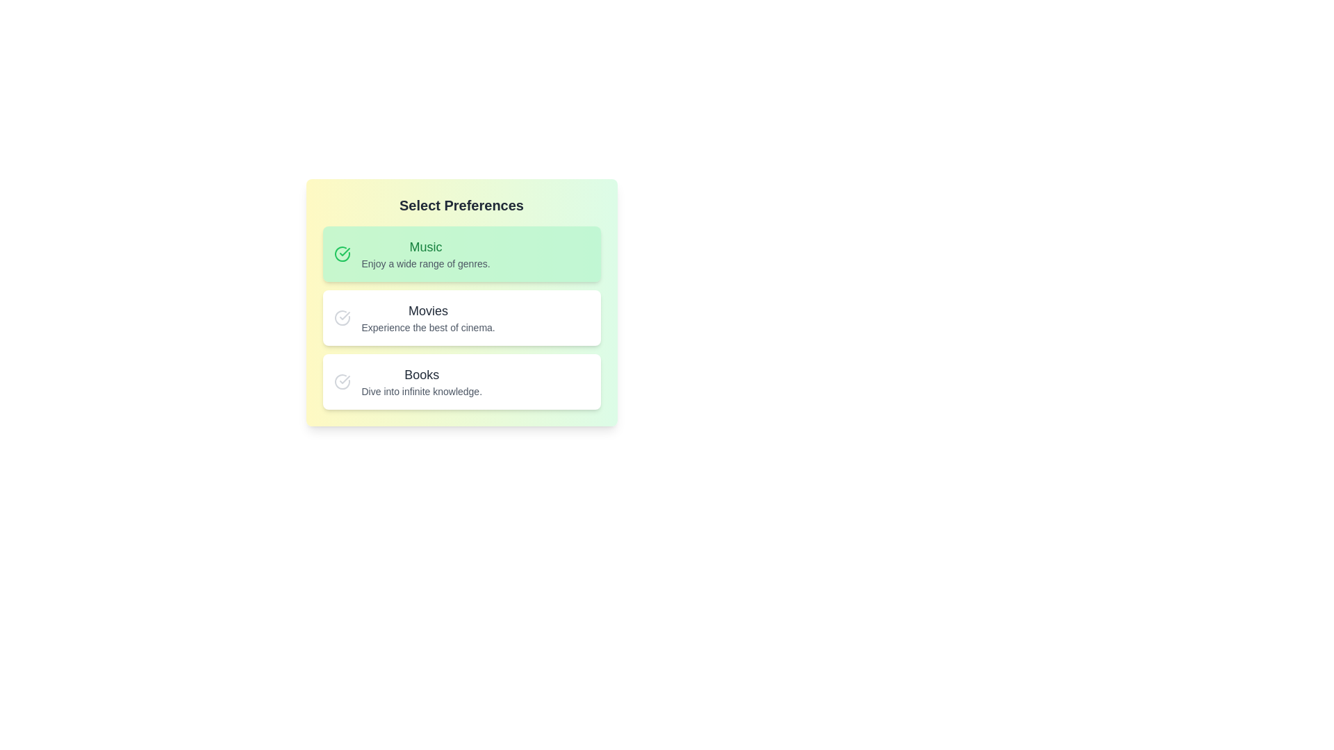 This screenshot has width=1334, height=750. I want to click on the preference Music, so click(461, 254).